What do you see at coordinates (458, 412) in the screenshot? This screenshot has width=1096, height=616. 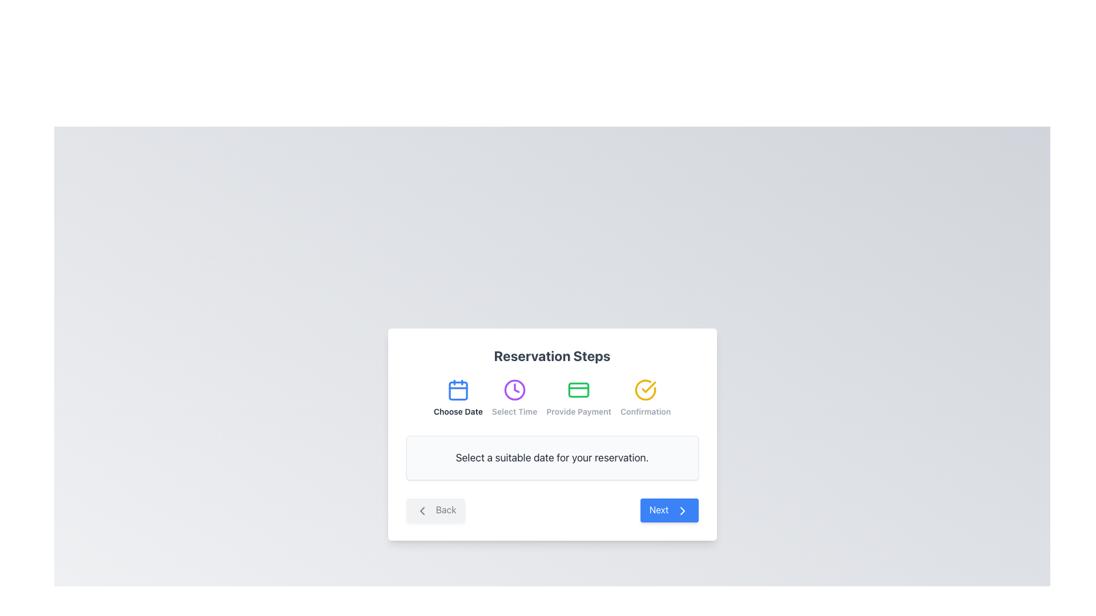 I see `the 'Choose Date' text label located beneath the blue calendar icon in the central section of the modal interface` at bounding box center [458, 412].